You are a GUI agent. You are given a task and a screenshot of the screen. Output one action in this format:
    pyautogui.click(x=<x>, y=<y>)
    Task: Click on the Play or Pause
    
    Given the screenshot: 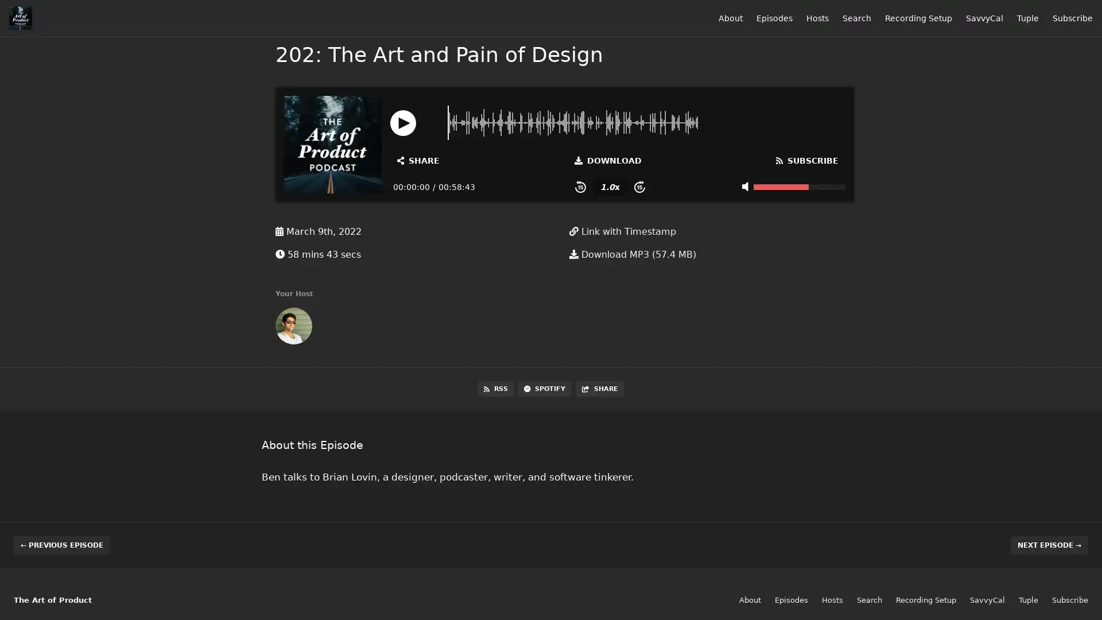 What is the action you would take?
    pyautogui.click(x=403, y=122)
    